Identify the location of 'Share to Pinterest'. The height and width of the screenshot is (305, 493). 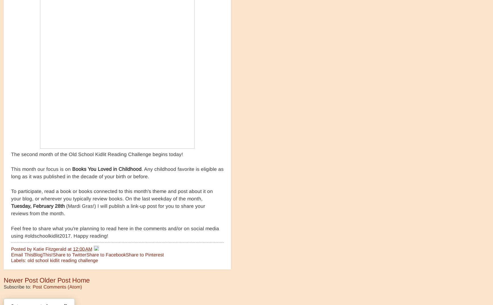
(145, 254).